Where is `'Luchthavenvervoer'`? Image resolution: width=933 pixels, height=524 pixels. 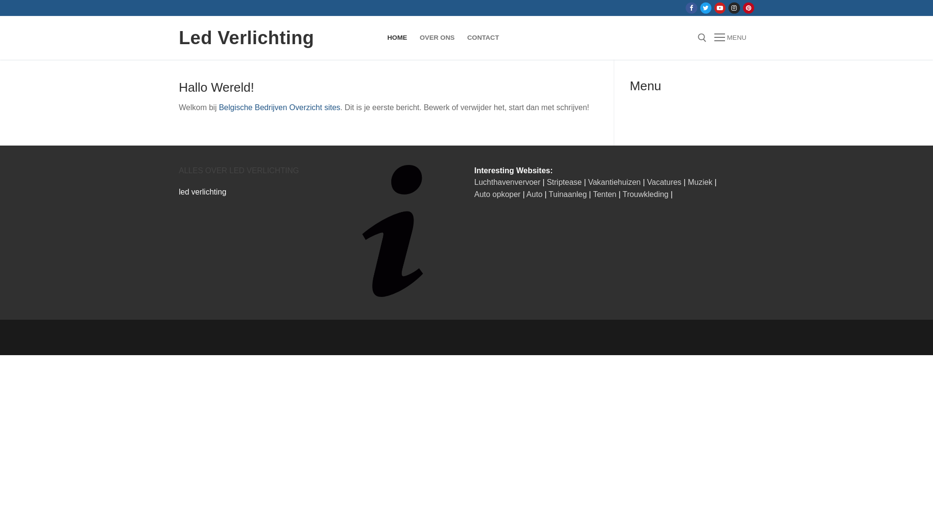
'Luchthavenvervoer' is located at coordinates (506, 182).